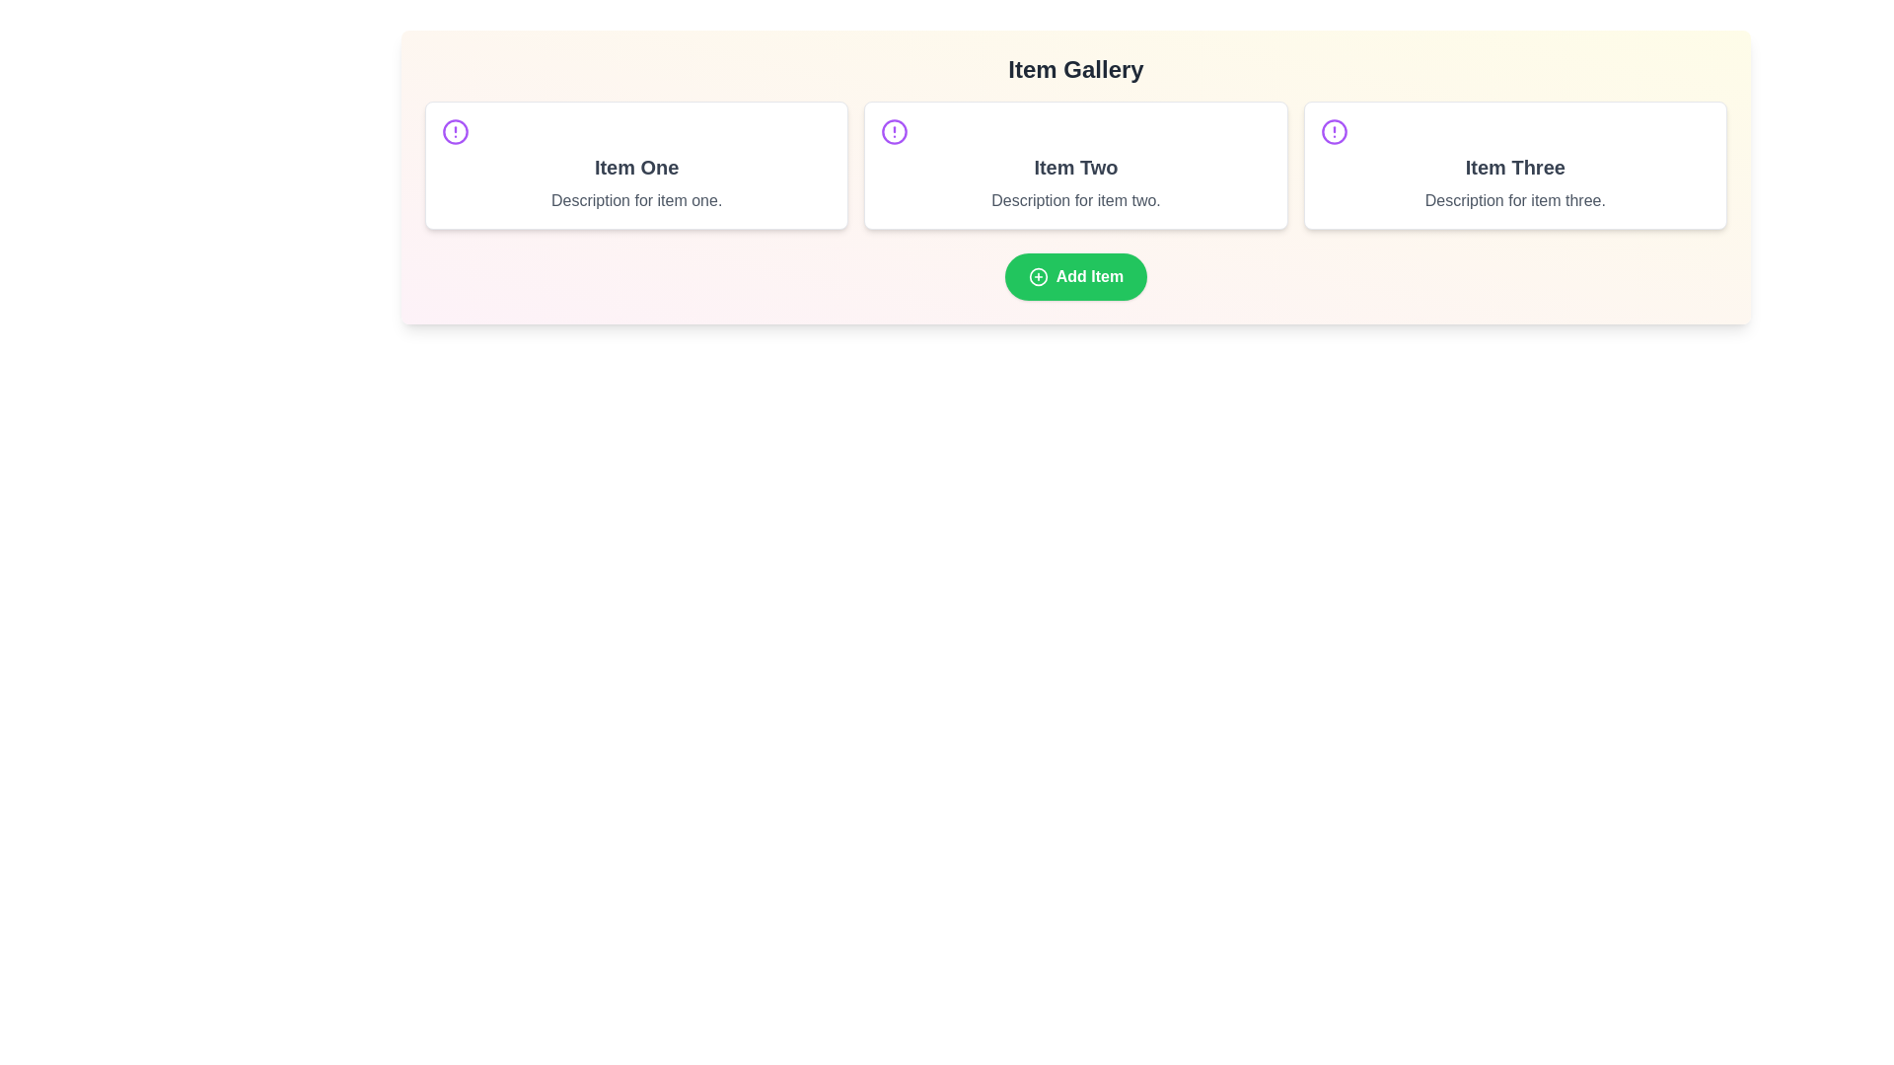 The height and width of the screenshot is (1065, 1894). What do you see at coordinates (1037, 277) in the screenshot?
I see `the circular '+' icon in white on a green background, located at the left side of the 'Add Item' button, for visual guidance` at bounding box center [1037, 277].